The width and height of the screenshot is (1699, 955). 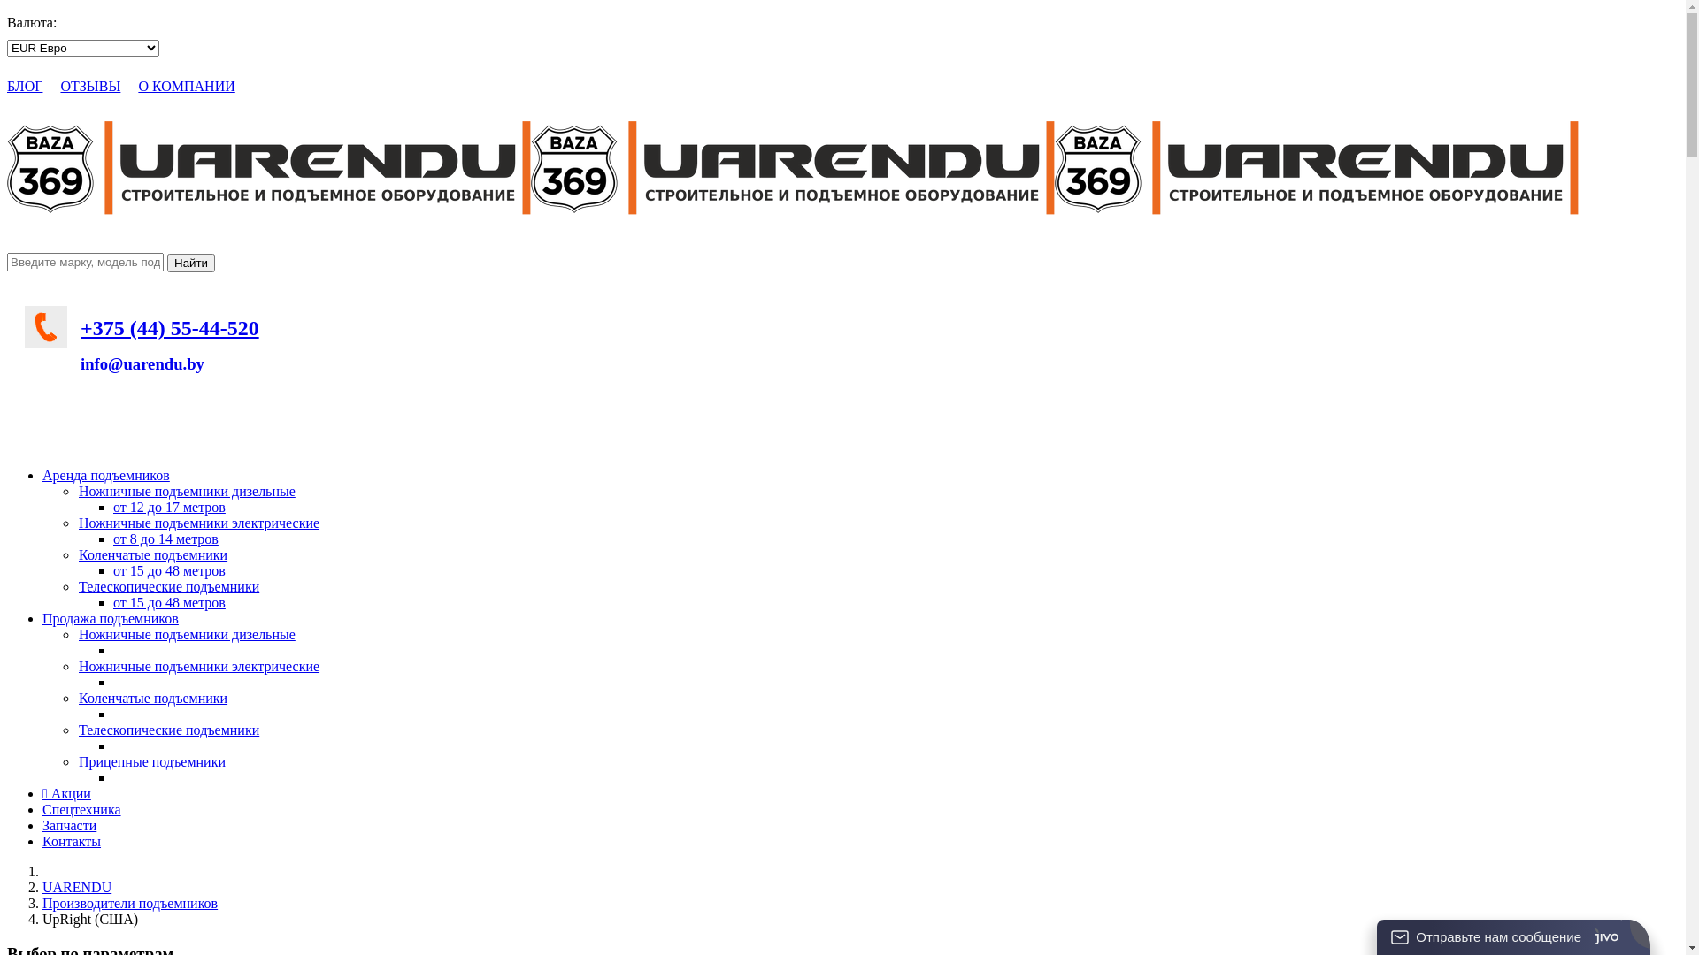 What do you see at coordinates (75, 887) in the screenshot?
I see `'UARENDU'` at bounding box center [75, 887].